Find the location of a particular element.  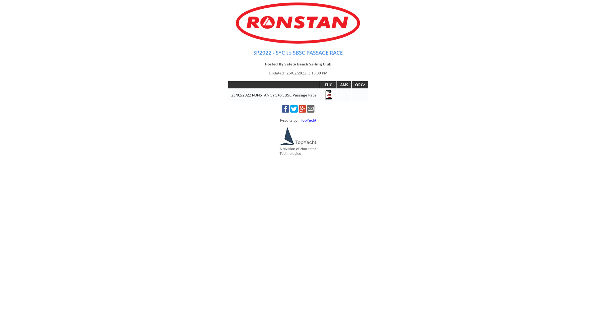

'Tweet' is located at coordinates (293, 111).